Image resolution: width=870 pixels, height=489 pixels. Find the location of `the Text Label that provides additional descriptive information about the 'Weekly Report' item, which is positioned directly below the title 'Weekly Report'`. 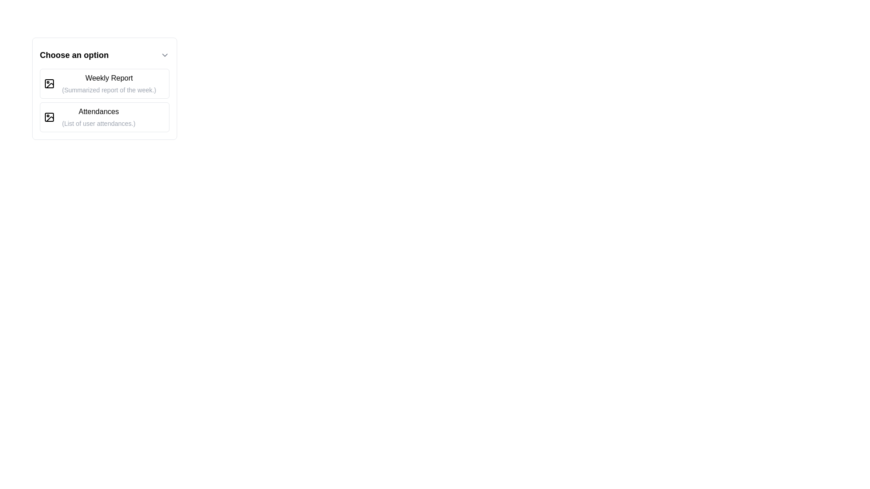

the Text Label that provides additional descriptive information about the 'Weekly Report' item, which is positioned directly below the title 'Weekly Report' is located at coordinates (109, 90).